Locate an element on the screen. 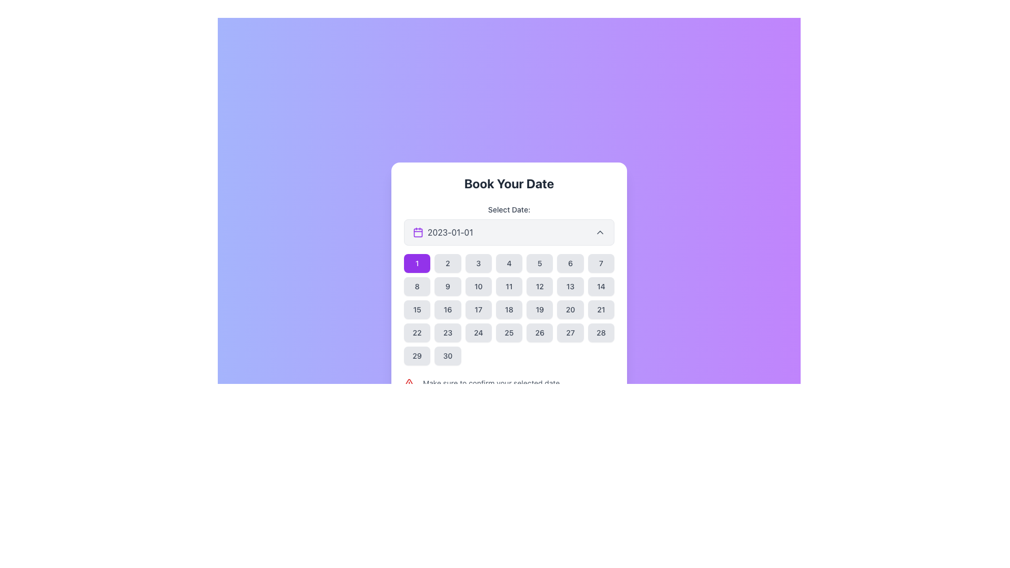 The image size is (1010, 568). the button labeled '29' in the calendar interface is located at coordinates (417, 356).